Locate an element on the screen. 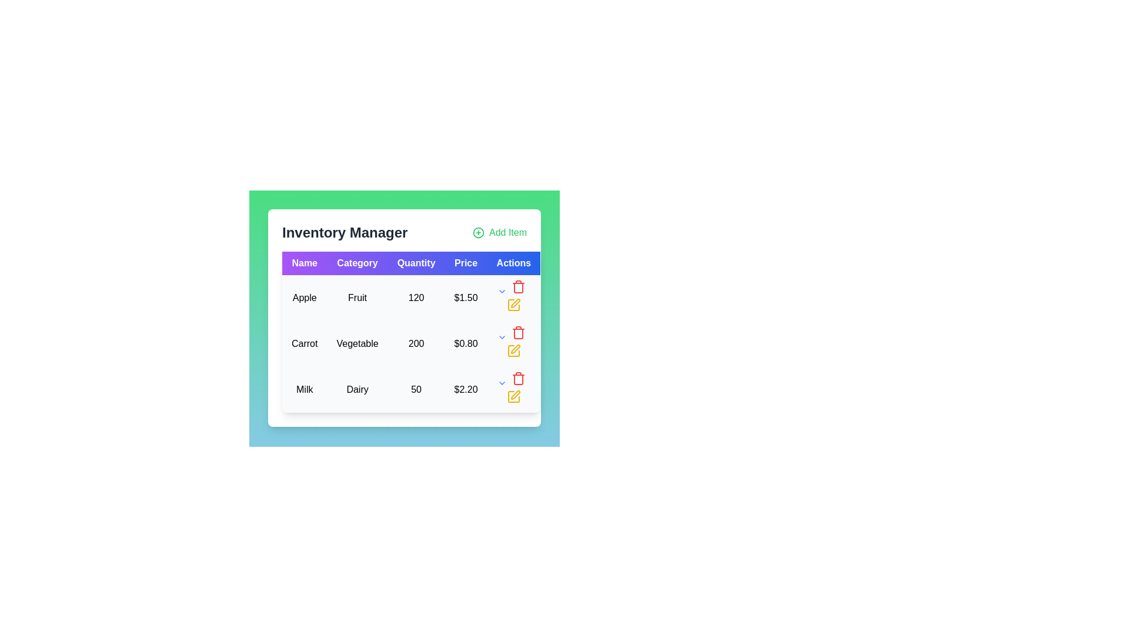  details of the tabular row element containing 'Apple Fruit 120 $1.50' located in the first row of the table is located at coordinates (411, 297).